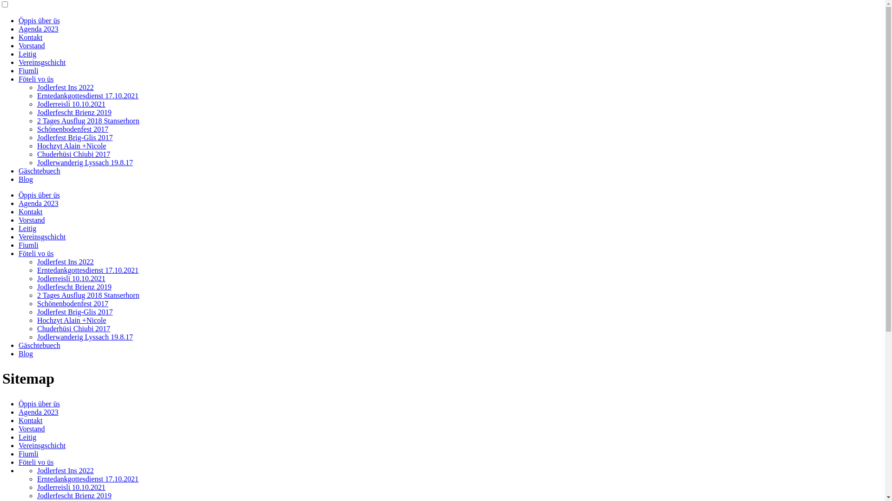  What do you see at coordinates (41, 62) in the screenshot?
I see `'Vereinsgschicht'` at bounding box center [41, 62].